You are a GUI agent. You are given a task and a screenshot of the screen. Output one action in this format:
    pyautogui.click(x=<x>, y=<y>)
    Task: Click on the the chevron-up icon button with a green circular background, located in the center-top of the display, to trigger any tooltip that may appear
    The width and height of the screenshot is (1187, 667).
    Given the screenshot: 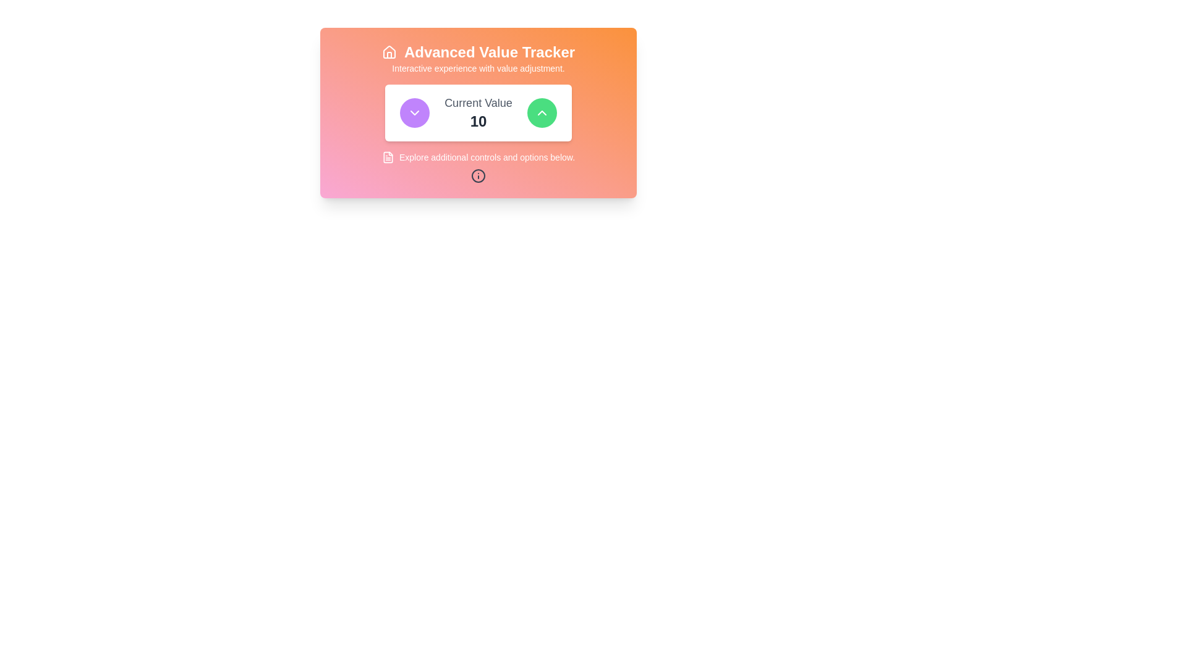 What is the action you would take?
    pyautogui.click(x=542, y=112)
    